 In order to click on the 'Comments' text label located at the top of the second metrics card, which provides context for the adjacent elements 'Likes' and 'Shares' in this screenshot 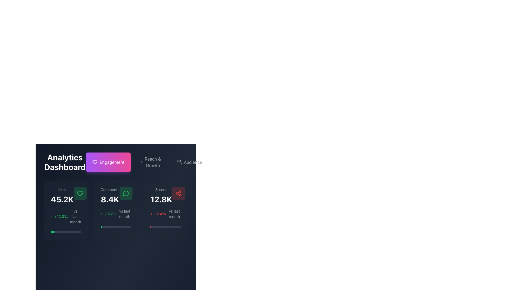, I will do `click(110, 189)`.